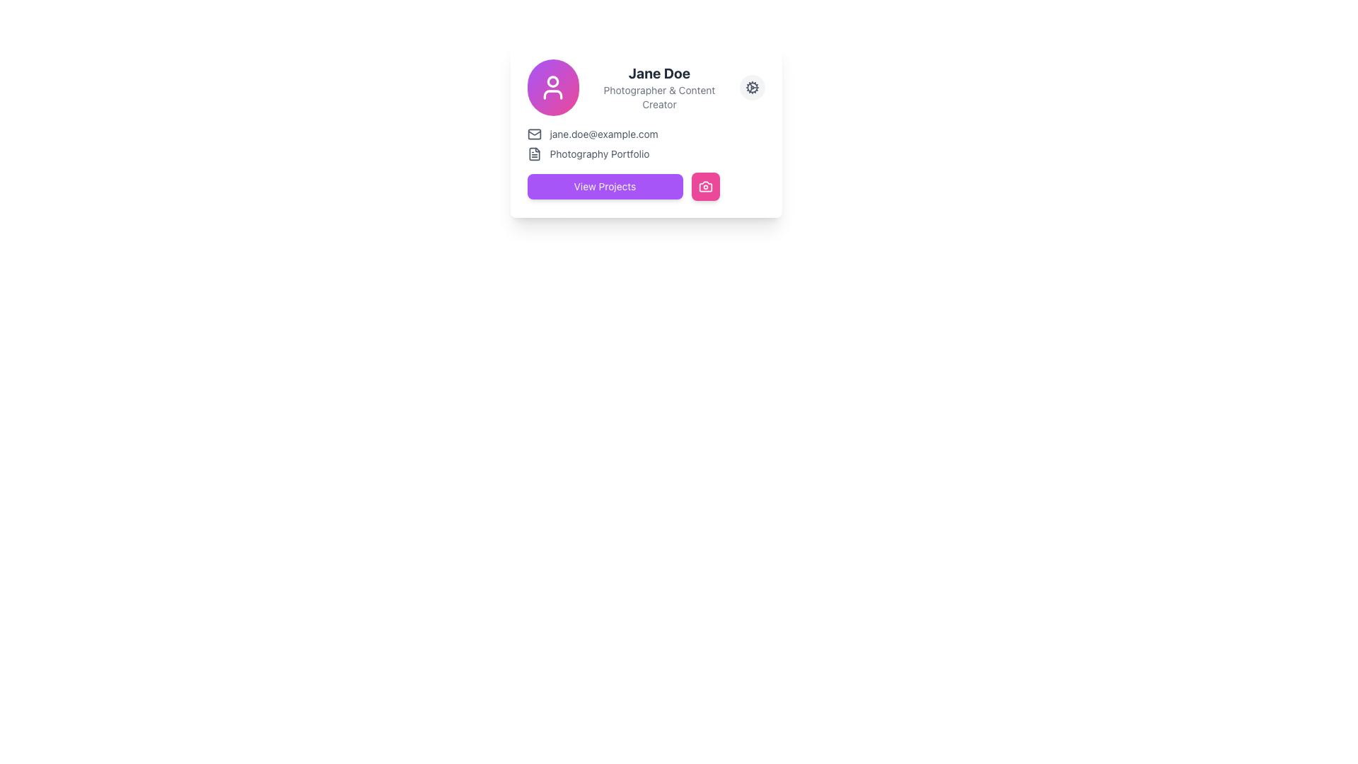  I want to click on the static text UI element displaying 'Jane Doe' and 'Photographer & Content Creator', located in the central right section of the card-like component, so click(658, 87).